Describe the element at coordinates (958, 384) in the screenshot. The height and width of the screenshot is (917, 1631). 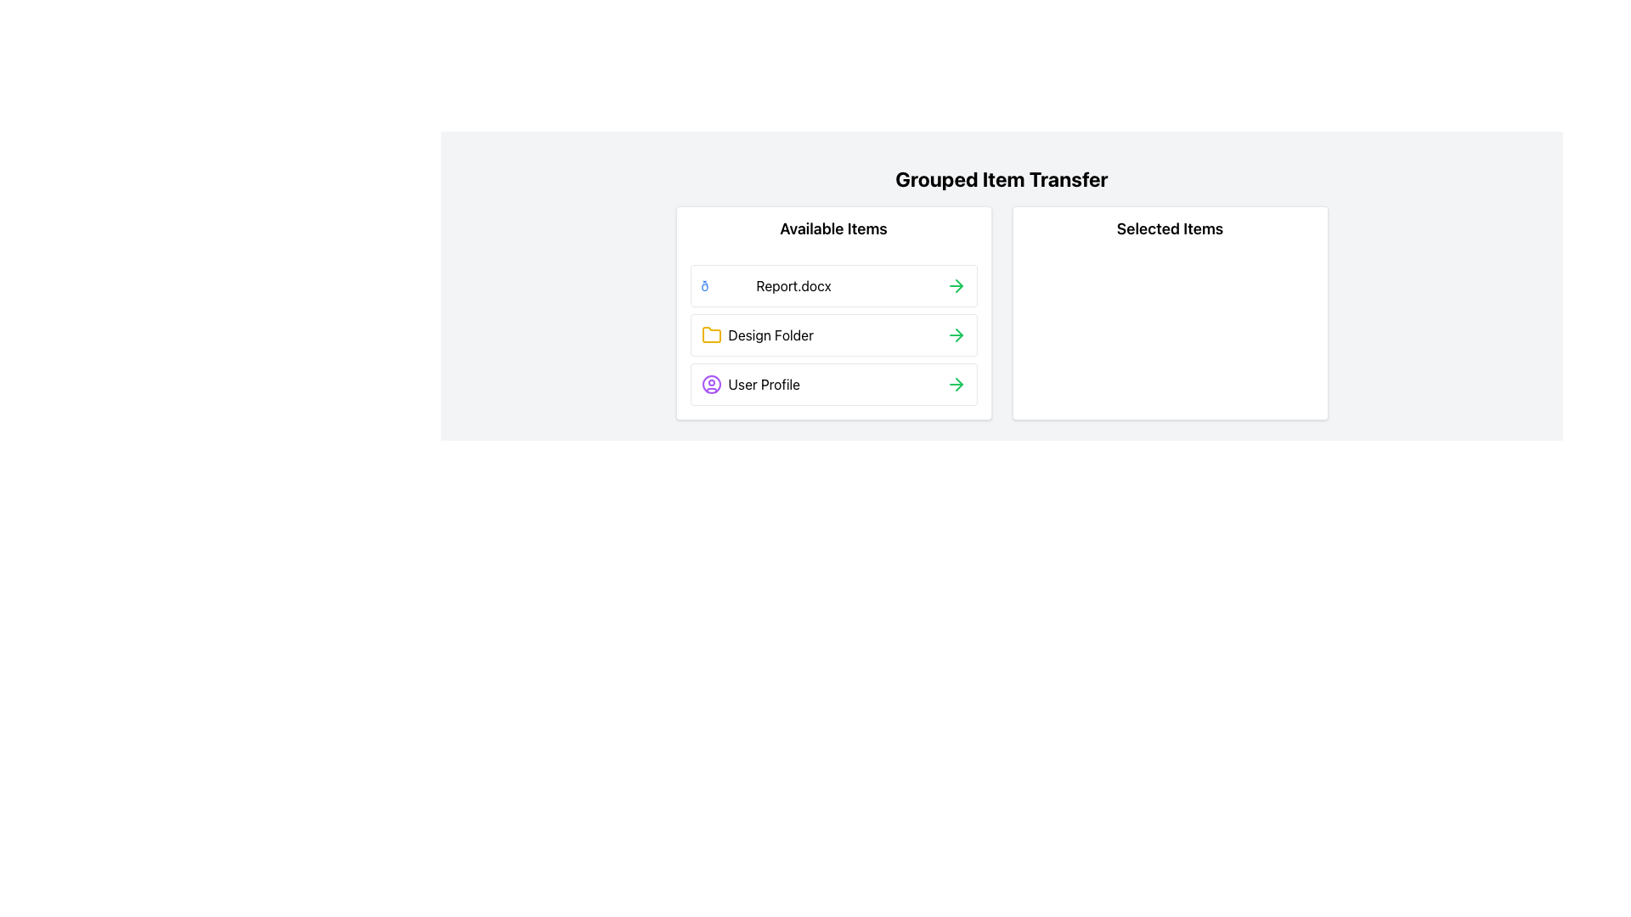
I see `the forward action icon located at the far right of the 'Design Folder' row in the 'Available Items' column` at that location.